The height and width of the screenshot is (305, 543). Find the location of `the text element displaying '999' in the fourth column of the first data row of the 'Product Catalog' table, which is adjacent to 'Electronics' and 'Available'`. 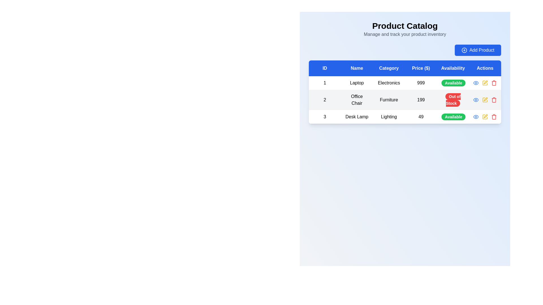

the text element displaying '999' in the fourth column of the first data row of the 'Product Catalog' table, which is adjacent to 'Electronics' and 'Available' is located at coordinates (421, 83).